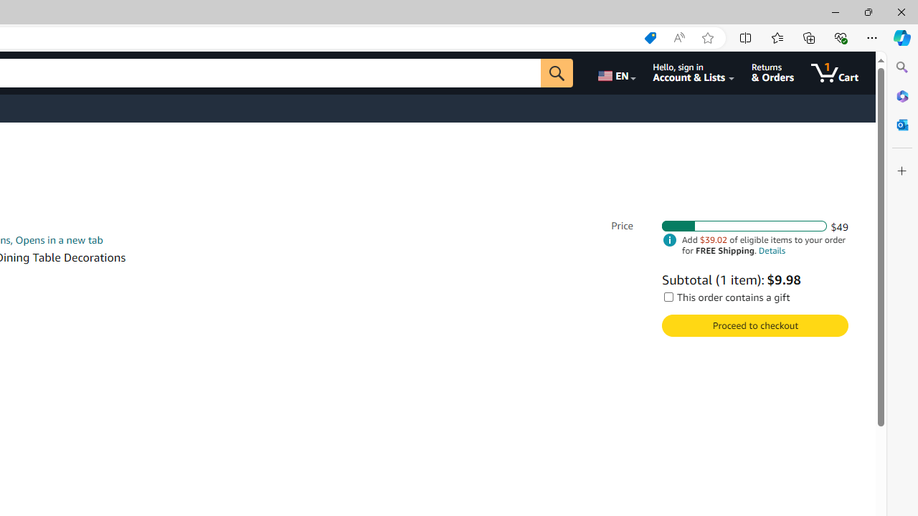 The image size is (918, 516). I want to click on 'Details', so click(772, 249).